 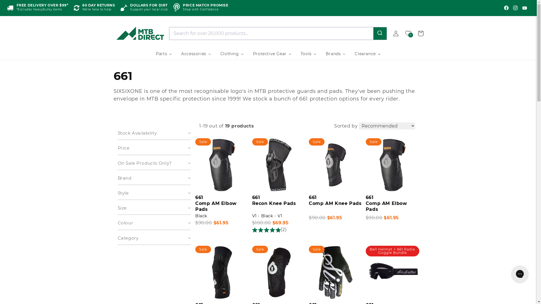 What do you see at coordinates (519, 273) in the screenshot?
I see `'Gorgias live chat messenger'` at bounding box center [519, 273].